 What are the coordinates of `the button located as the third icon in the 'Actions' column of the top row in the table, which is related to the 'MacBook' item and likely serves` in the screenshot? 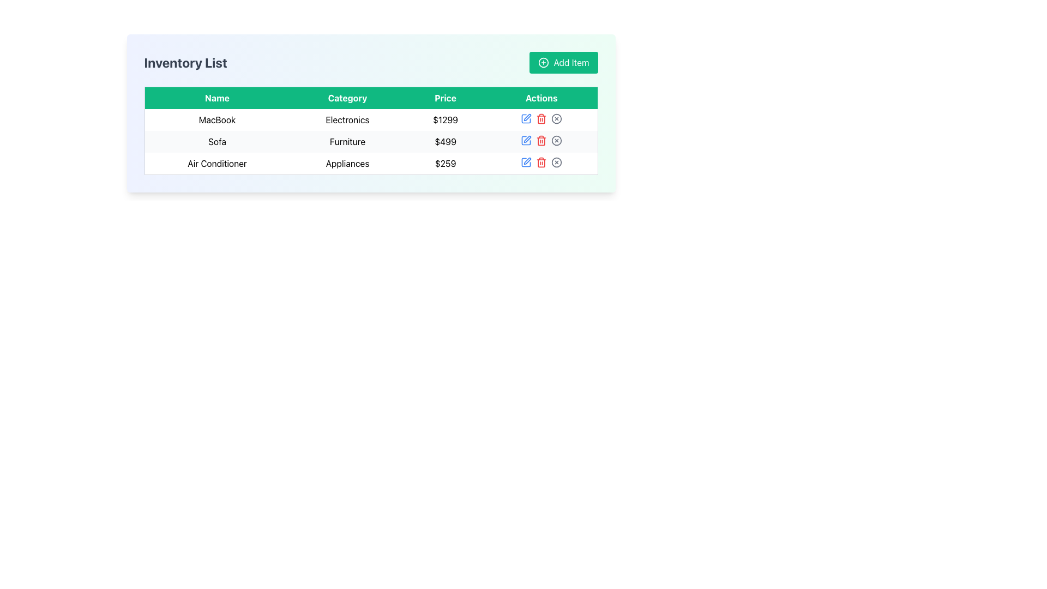 It's located at (557, 119).